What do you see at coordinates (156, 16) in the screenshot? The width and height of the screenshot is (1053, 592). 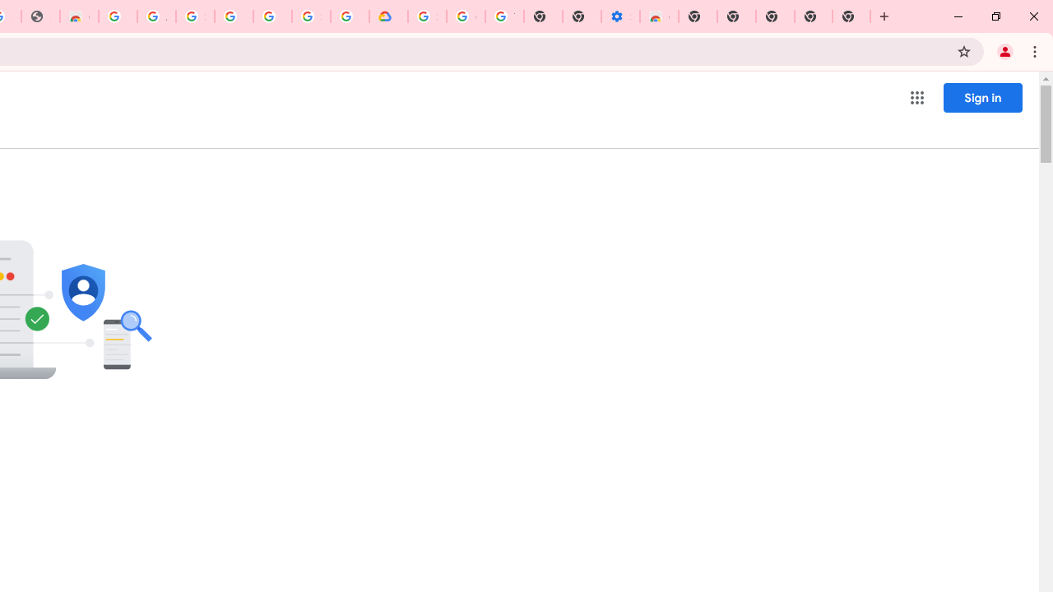 I see `'Ad Settings'` at bounding box center [156, 16].